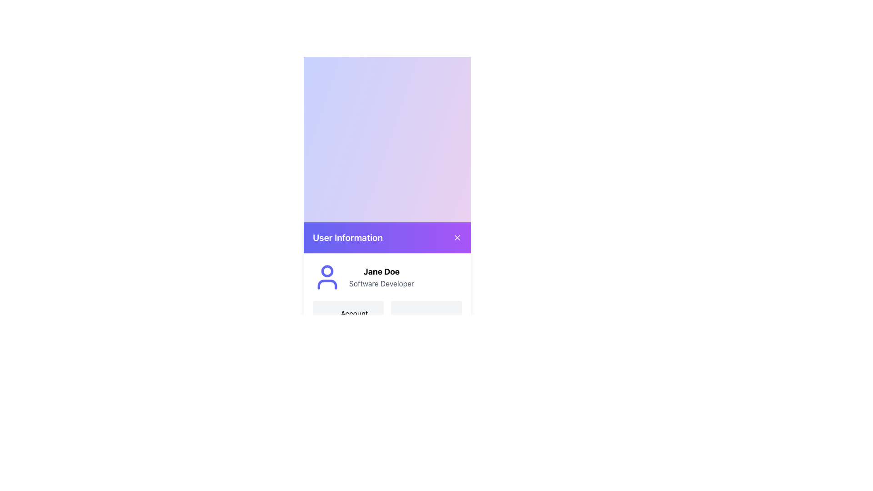 This screenshot has width=873, height=491. What do you see at coordinates (387, 300) in the screenshot?
I see `the 'Account Settings' or 'Achievements' sub-elements within the User Information card, located below the title bar and above the 'Contact User' section` at bounding box center [387, 300].